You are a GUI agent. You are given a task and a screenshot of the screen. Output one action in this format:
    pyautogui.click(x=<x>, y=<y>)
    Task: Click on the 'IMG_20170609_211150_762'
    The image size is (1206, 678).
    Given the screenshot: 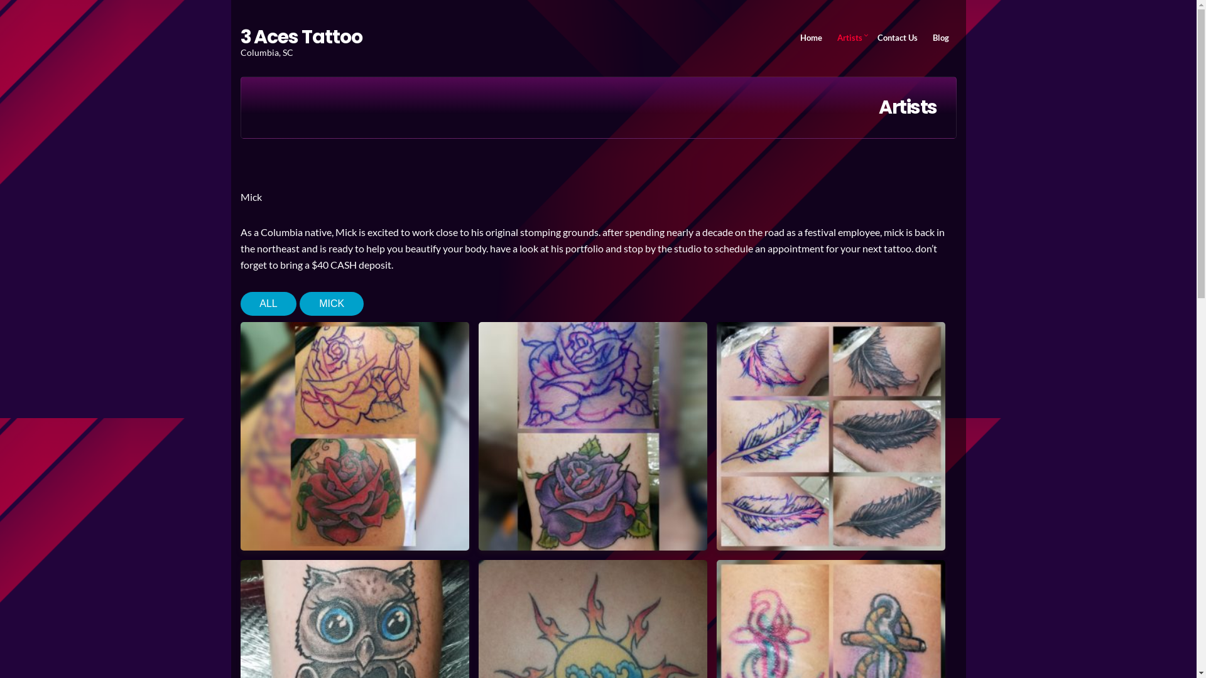 What is the action you would take?
    pyautogui.click(x=354, y=435)
    